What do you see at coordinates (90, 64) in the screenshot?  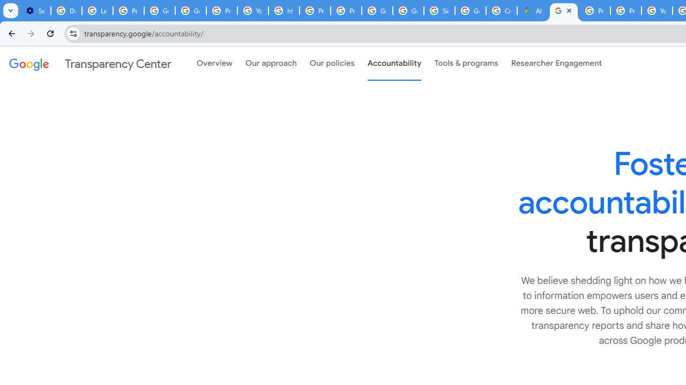 I see `'Transparency Center'` at bounding box center [90, 64].